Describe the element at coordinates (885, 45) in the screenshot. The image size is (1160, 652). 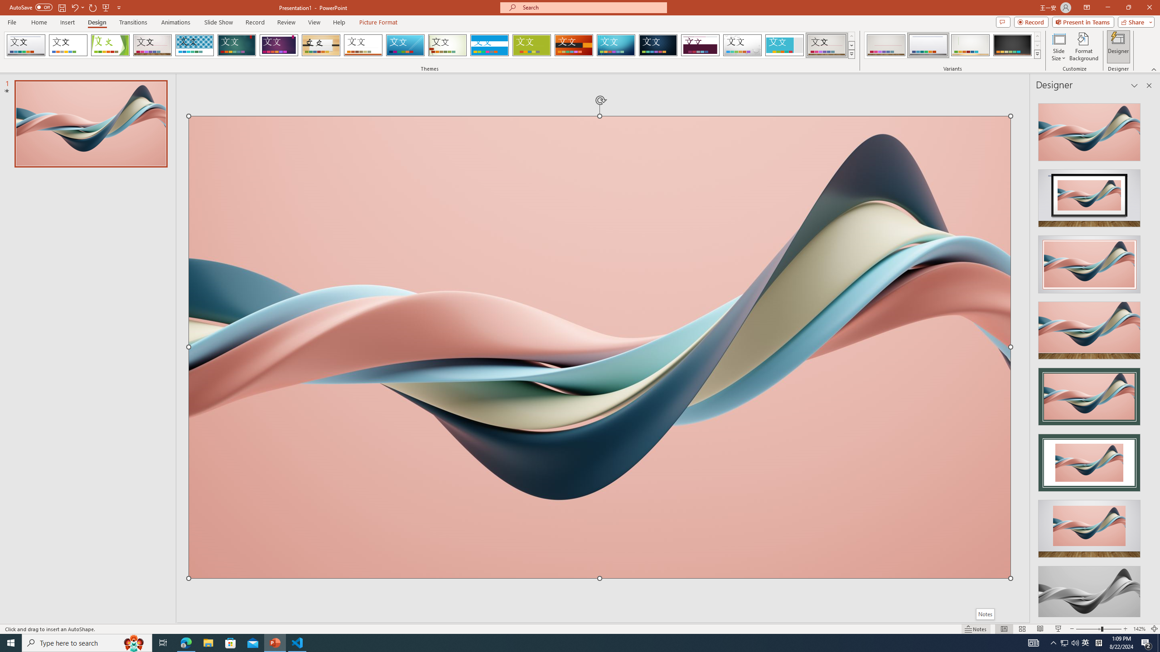
I see `'Gallery Variant 1'` at that location.